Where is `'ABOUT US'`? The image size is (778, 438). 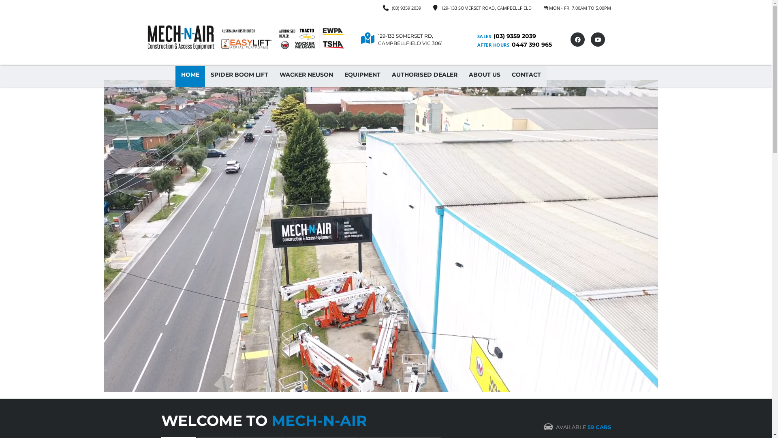 'ABOUT US' is located at coordinates (484, 76).